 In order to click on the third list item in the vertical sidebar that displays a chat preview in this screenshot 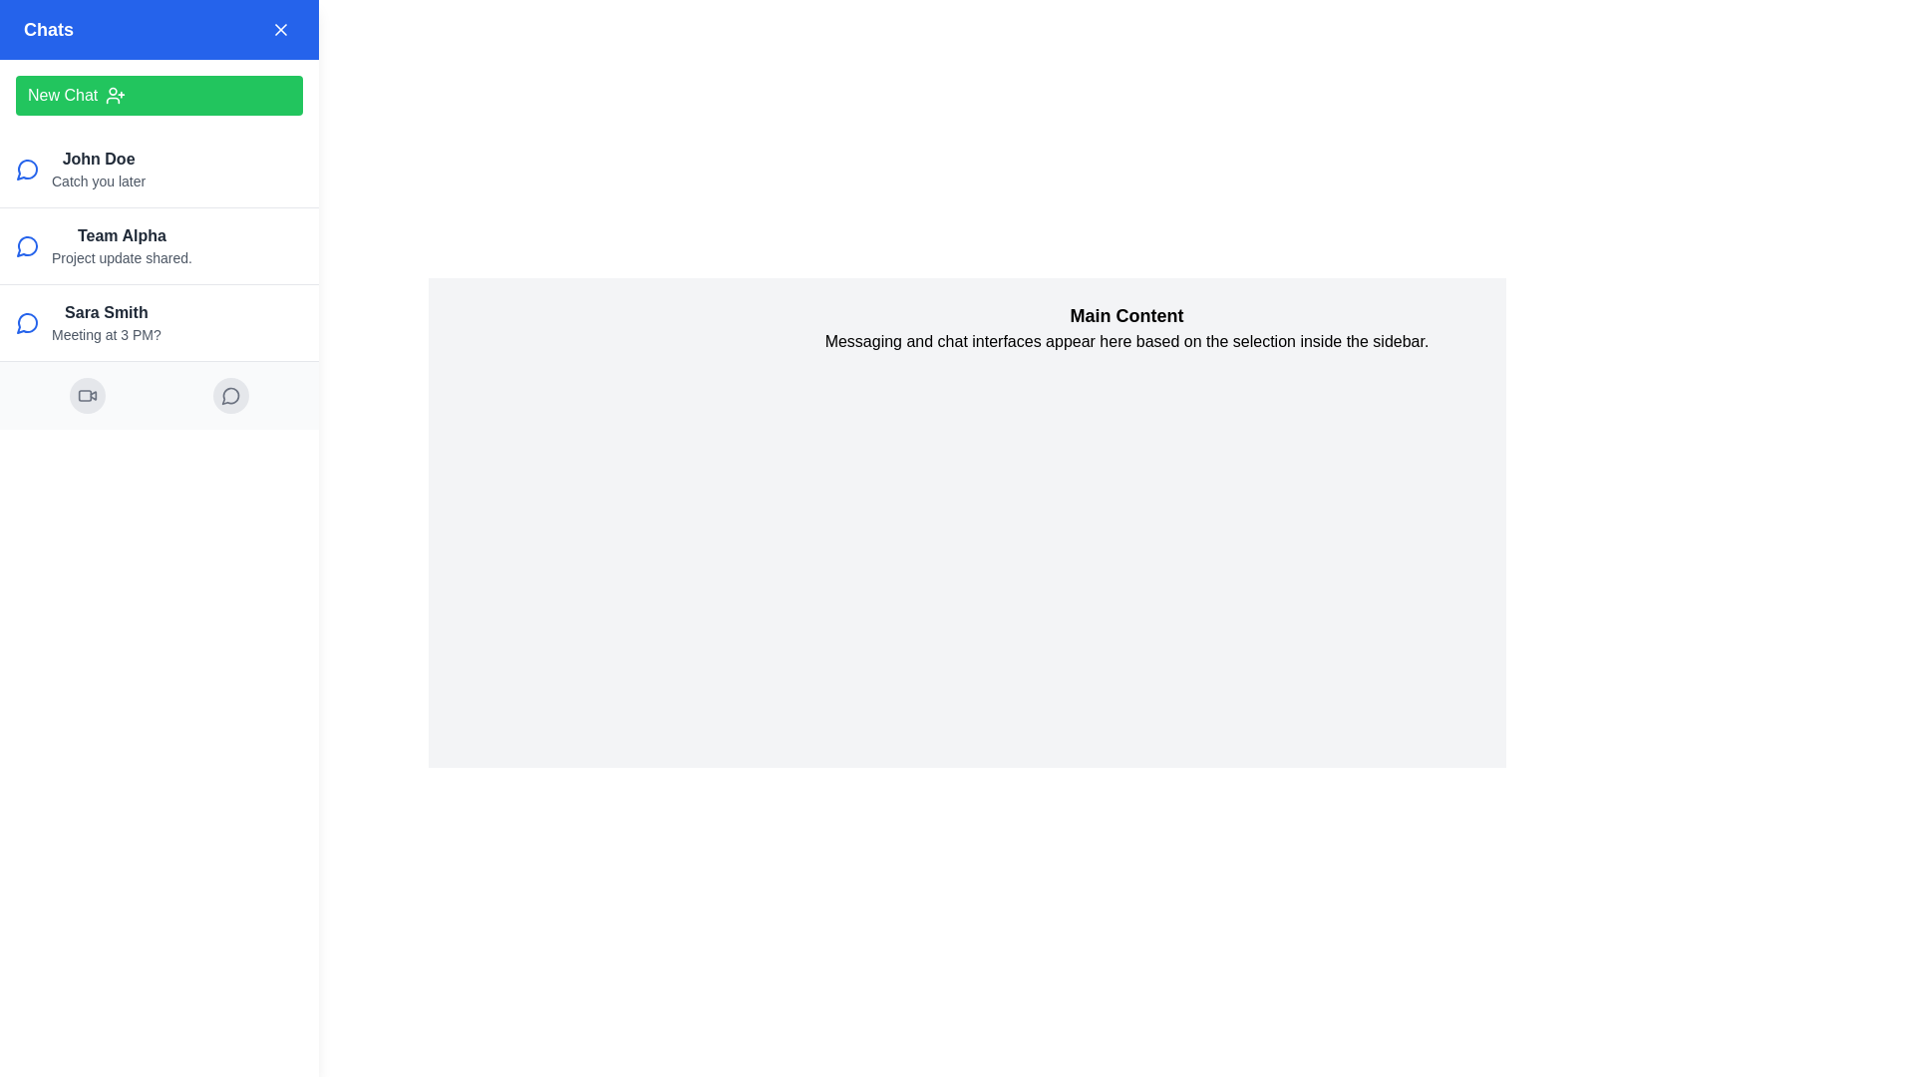, I will do `click(105, 322)`.